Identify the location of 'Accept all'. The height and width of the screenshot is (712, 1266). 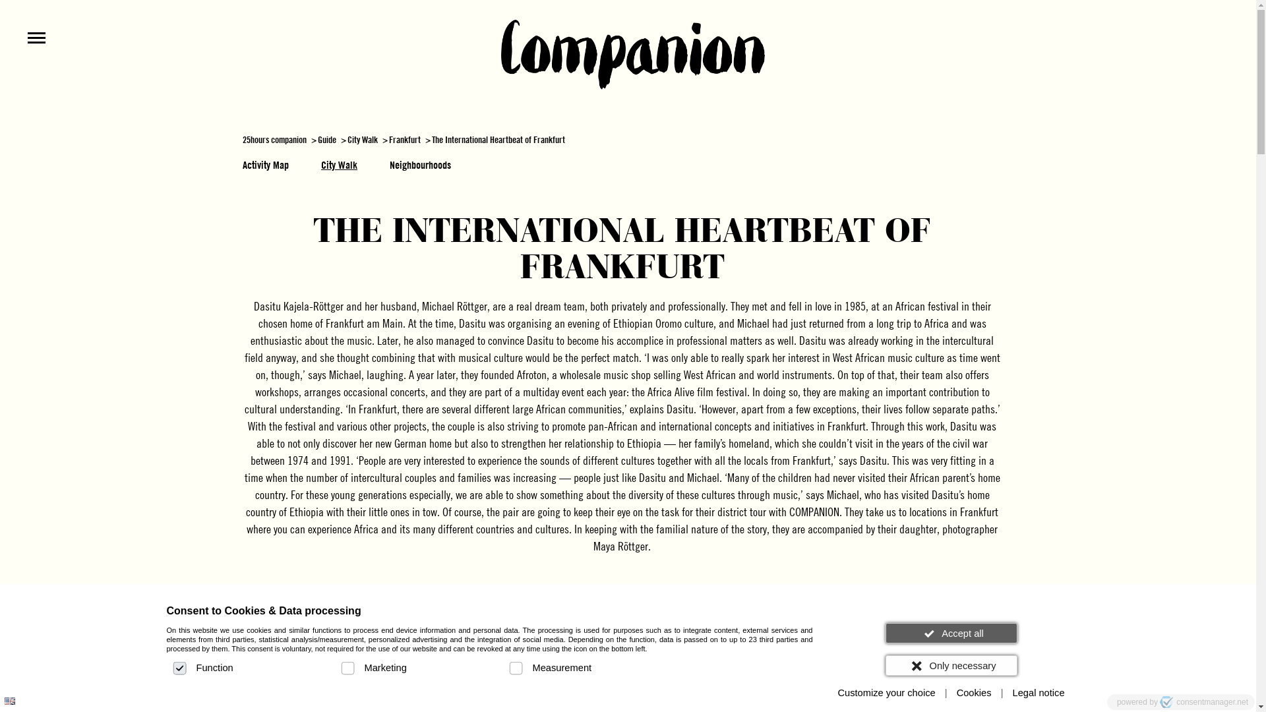
(885, 632).